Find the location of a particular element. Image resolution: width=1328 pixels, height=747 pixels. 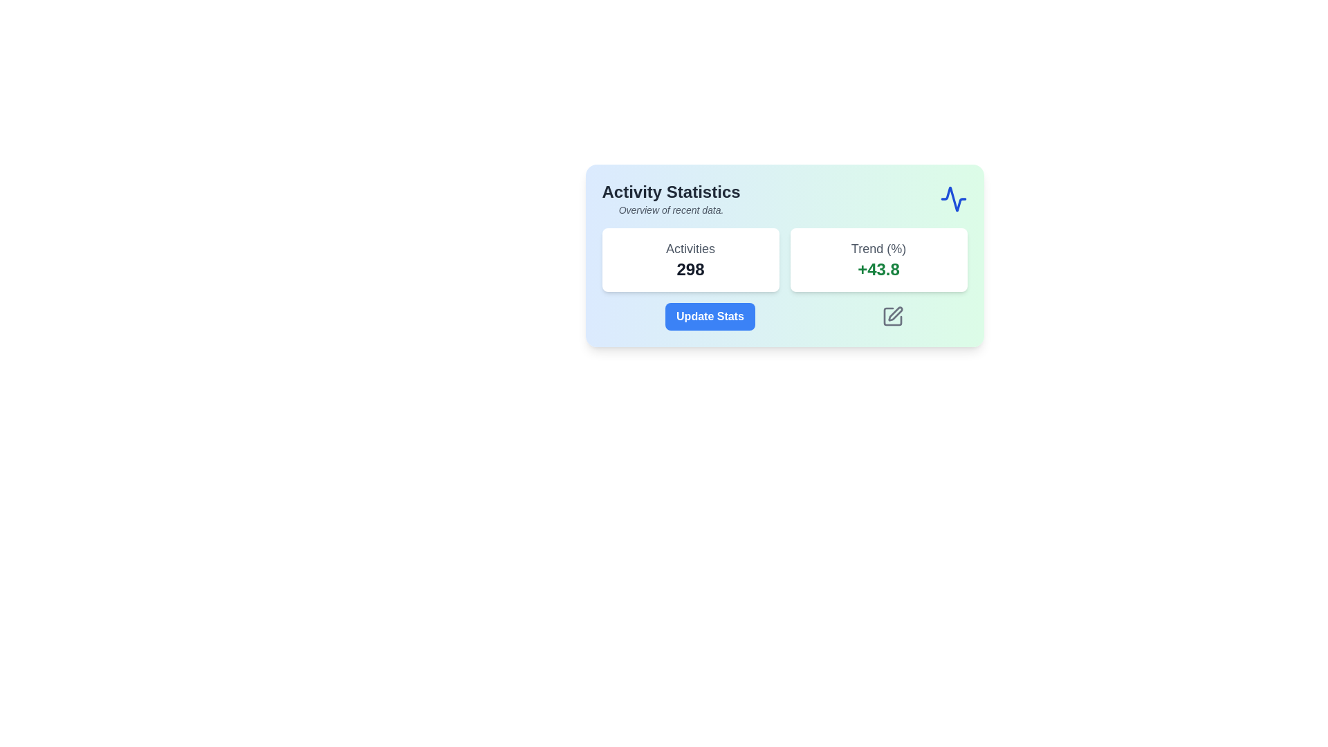

the text label displaying the number '298' in bold, large-sized dark gray text, located directly below the 'Activities' label in the Activity Statistics panel is located at coordinates (690, 269).